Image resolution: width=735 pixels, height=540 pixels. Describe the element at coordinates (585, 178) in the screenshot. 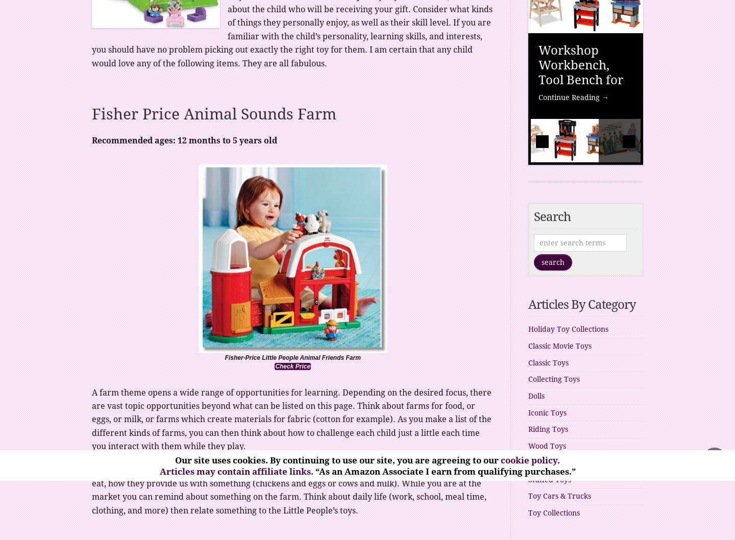

I see `'We all need tools regardless of our age. Lots of men, and several women I know, have workshops or work areas filled with tools. Because children imitate their parents, they love having their own workshop, tools and tool bench. Finding the best tool bench for kids, as well as the neat tool accessories, is easy […]'` at that location.